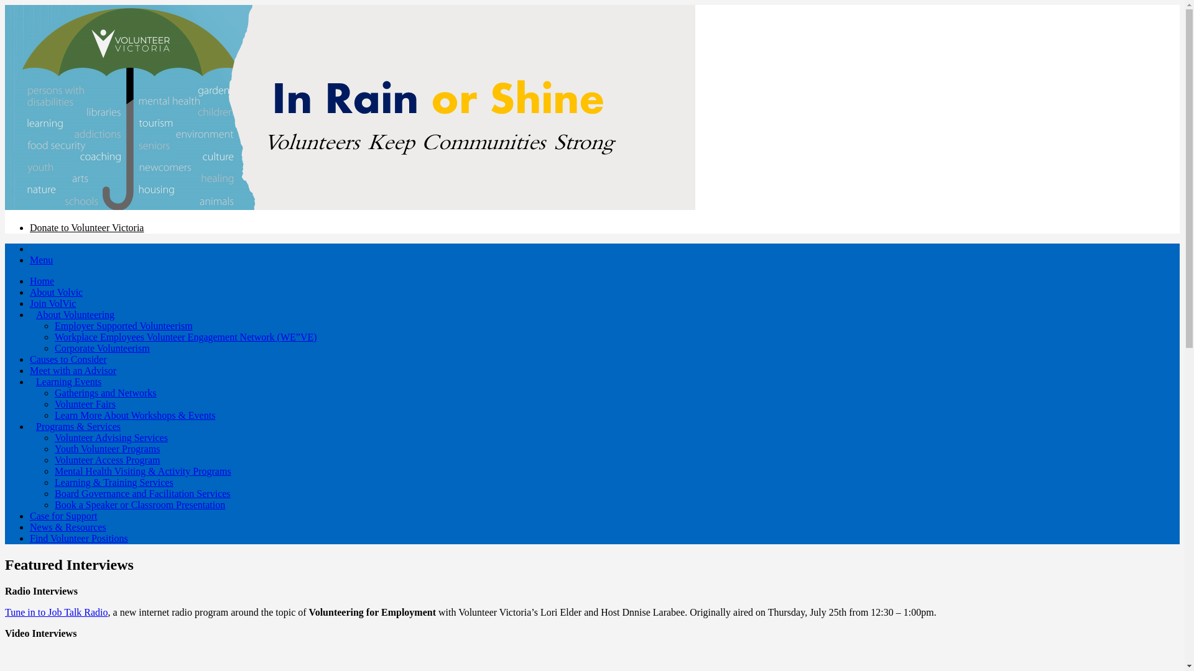  I want to click on 'Case for Support', so click(62, 516).